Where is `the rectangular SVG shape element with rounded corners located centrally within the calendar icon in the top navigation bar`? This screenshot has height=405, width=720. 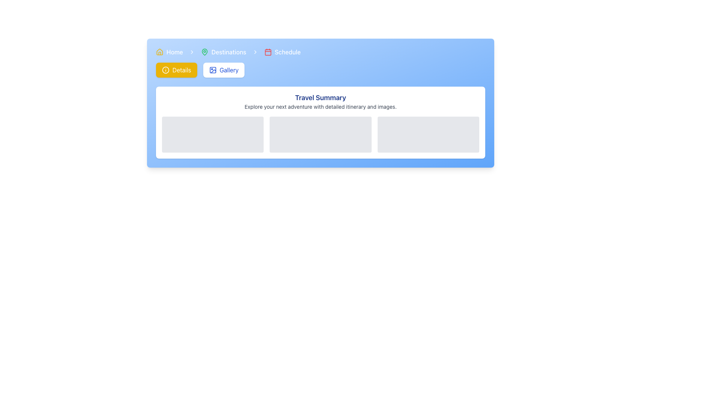 the rectangular SVG shape element with rounded corners located centrally within the calendar icon in the top navigation bar is located at coordinates (268, 52).